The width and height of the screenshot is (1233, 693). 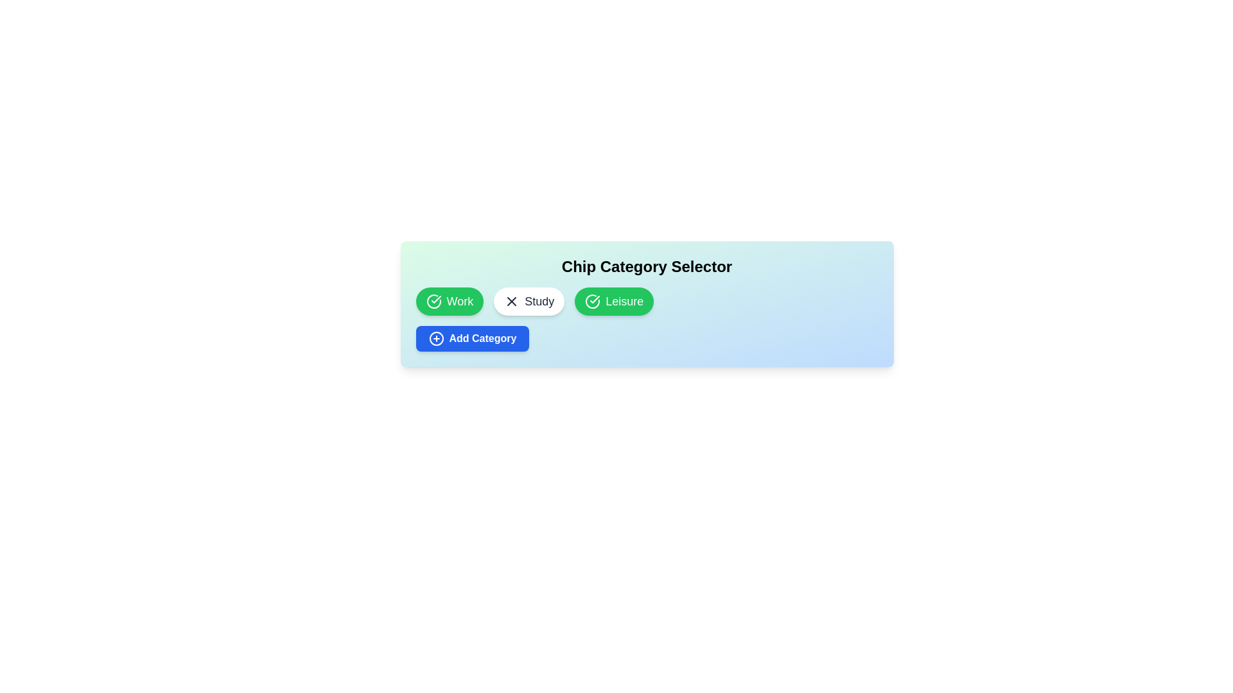 What do you see at coordinates (471, 338) in the screenshot?
I see `the 'Add Category' button to add a new category` at bounding box center [471, 338].